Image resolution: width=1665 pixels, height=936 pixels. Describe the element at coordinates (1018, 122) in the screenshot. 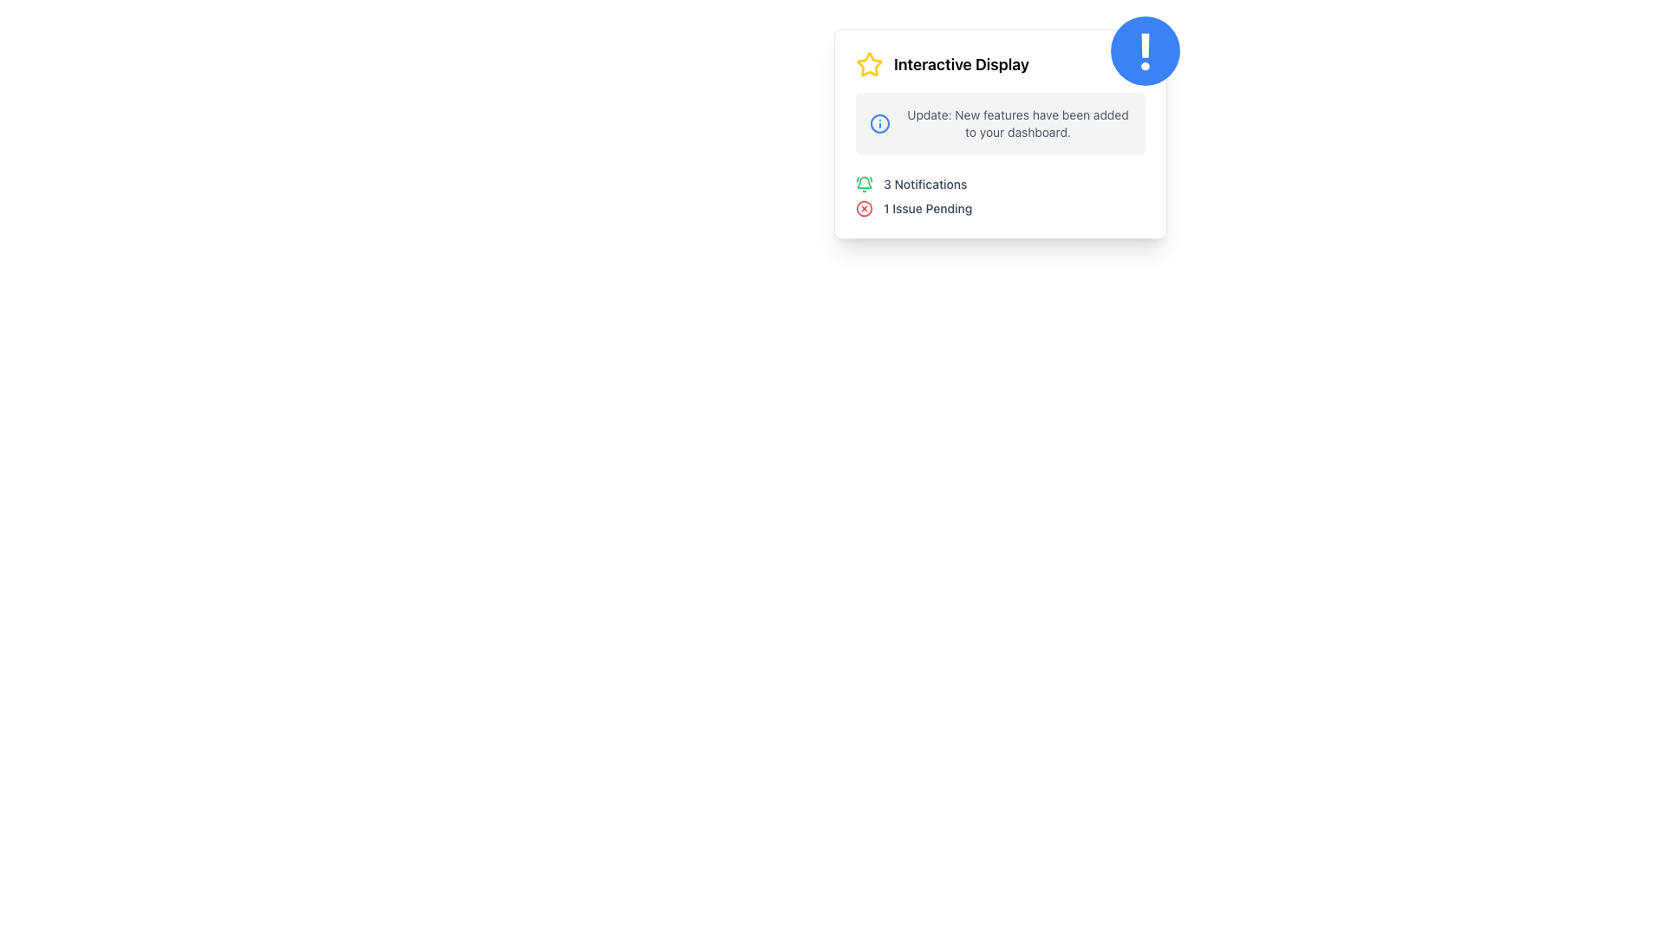

I see `the notification text element that informs the user about new features added to their dashboard, which is centrally located beneath an information icon` at that location.